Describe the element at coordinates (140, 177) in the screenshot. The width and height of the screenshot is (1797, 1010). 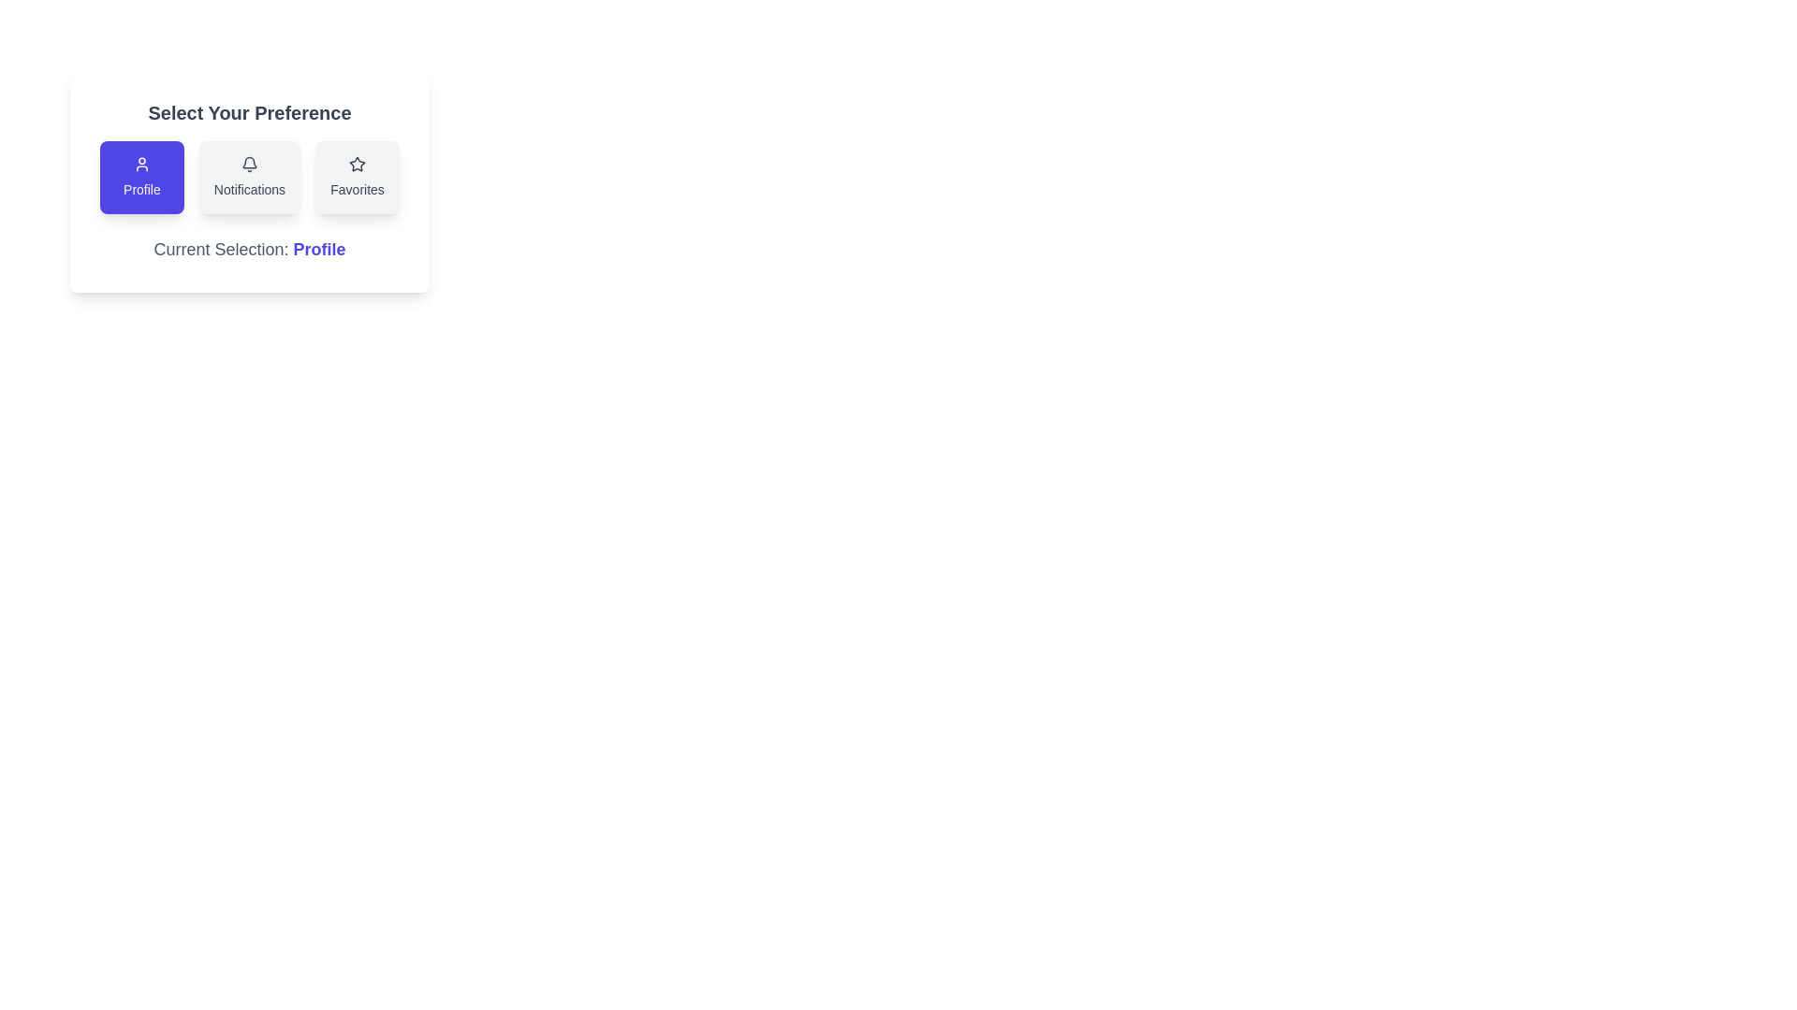
I see `the 'Profile' button located at the top-left corner of the grouping to visualize hover effects` at that location.